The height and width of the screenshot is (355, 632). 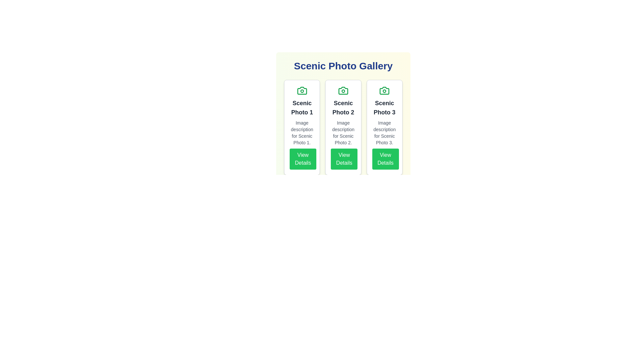 What do you see at coordinates (385, 159) in the screenshot?
I see `'View Details' button for the scenic photo identified by Scenic Photo 3` at bounding box center [385, 159].